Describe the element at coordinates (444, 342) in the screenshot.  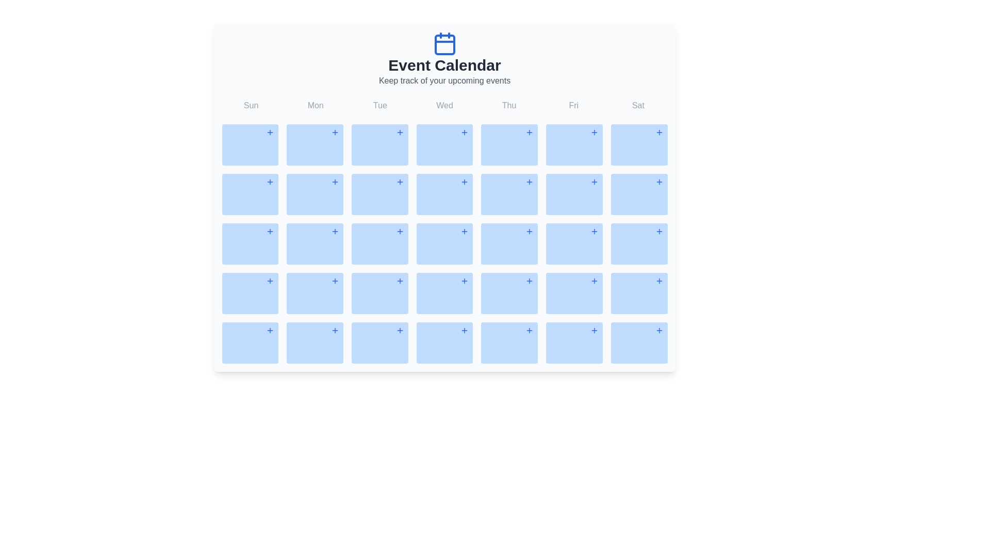
I see `the calendar cell located in the last row and fourth column of the grid layout` at that location.